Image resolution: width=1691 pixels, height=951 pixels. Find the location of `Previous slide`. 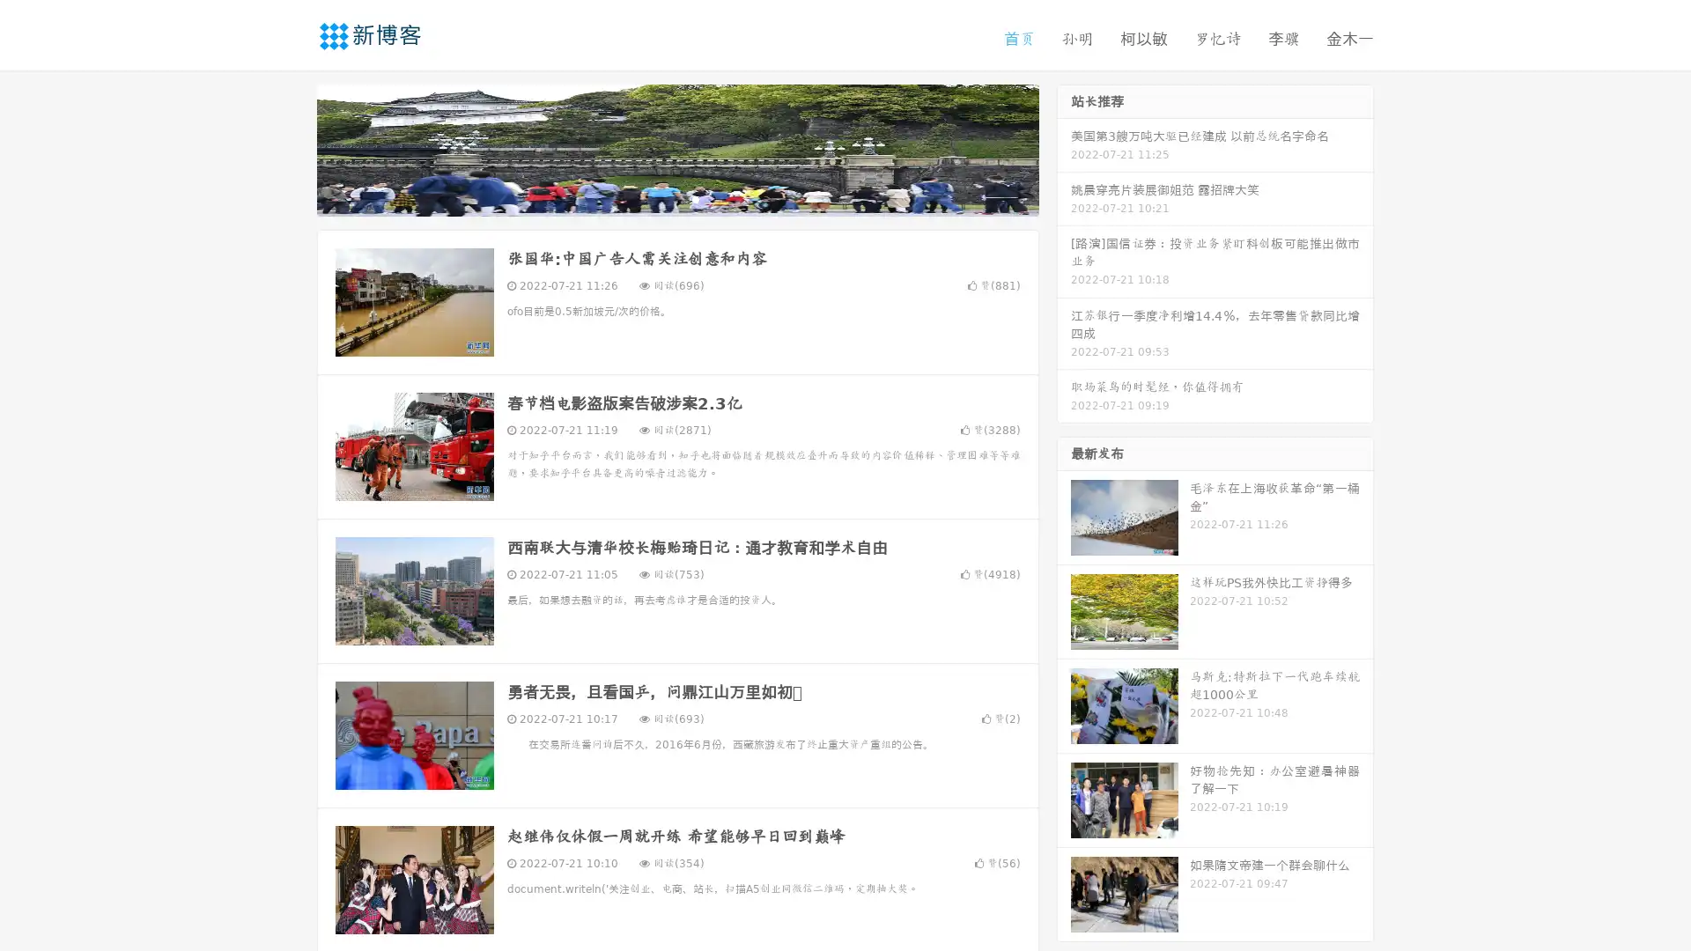

Previous slide is located at coordinates (291, 148).